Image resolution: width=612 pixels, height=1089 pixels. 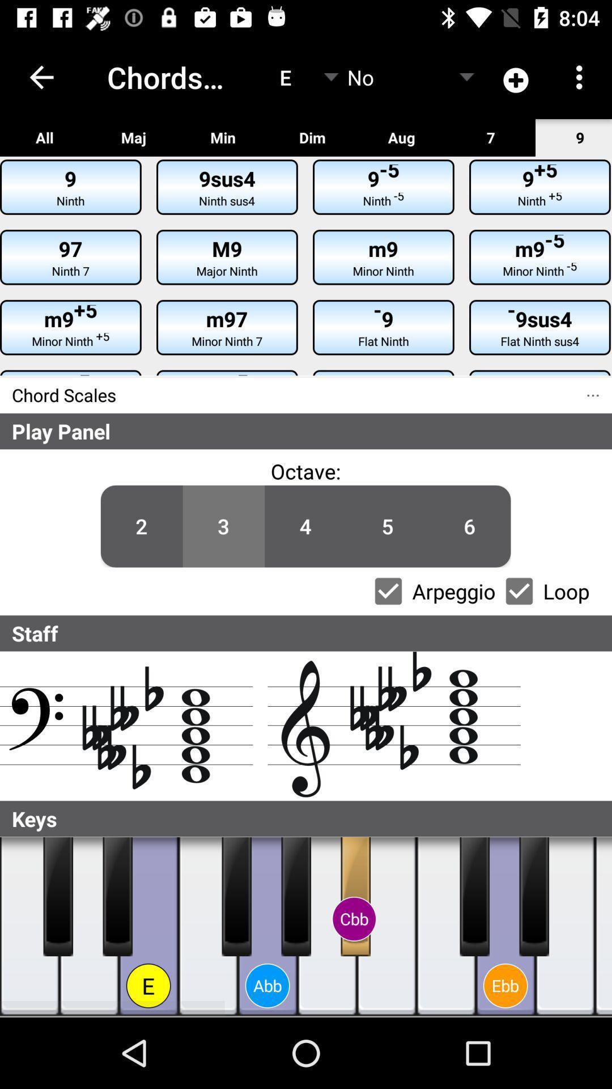 I want to click on icon next to 5 item, so click(x=305, y=471).